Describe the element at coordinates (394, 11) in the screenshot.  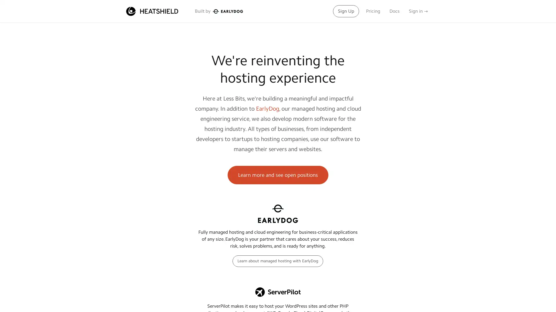
I see `Docs` at that location.